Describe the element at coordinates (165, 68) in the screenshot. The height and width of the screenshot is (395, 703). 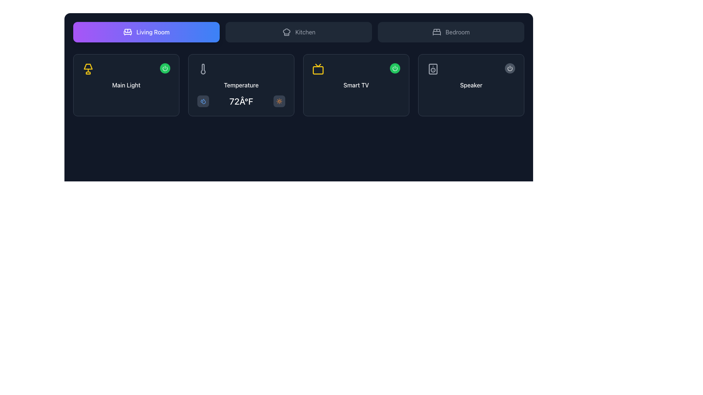
I see `the circular green button with a white power symbol in the top-right corner of the 'Main Light' card` at that location.